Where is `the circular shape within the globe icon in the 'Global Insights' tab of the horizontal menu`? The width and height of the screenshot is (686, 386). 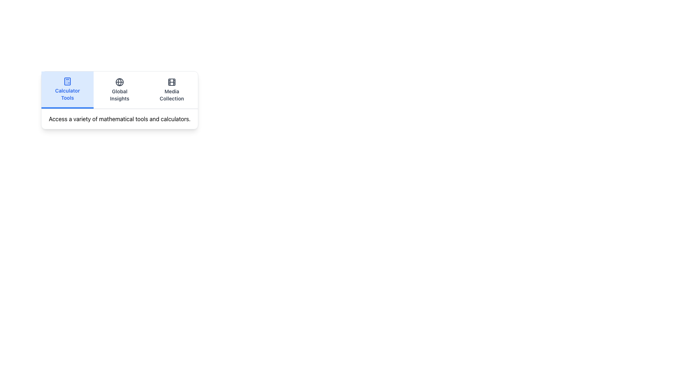
the circular shape within the globe icon in the 'Global Insights' tab of the horizontal menu is located at coordinates (120, 82).